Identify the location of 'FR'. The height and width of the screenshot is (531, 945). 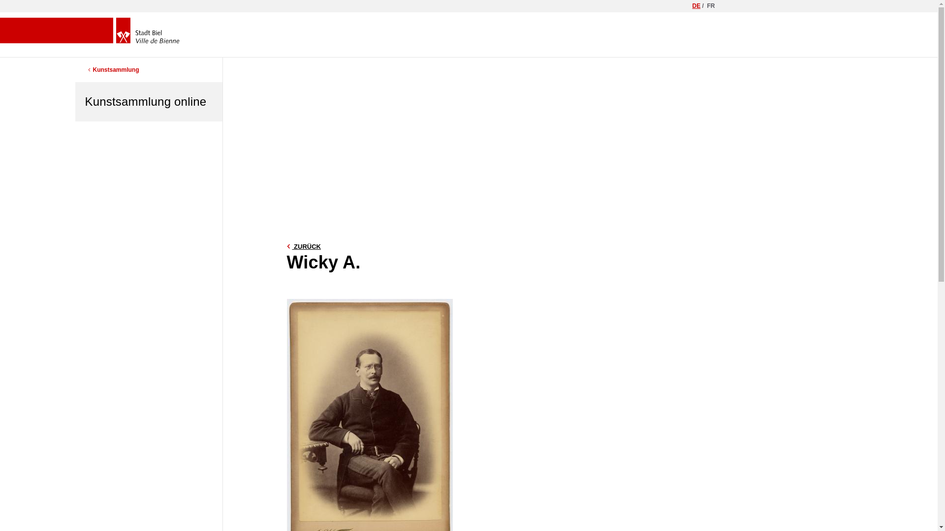
(706, 5).